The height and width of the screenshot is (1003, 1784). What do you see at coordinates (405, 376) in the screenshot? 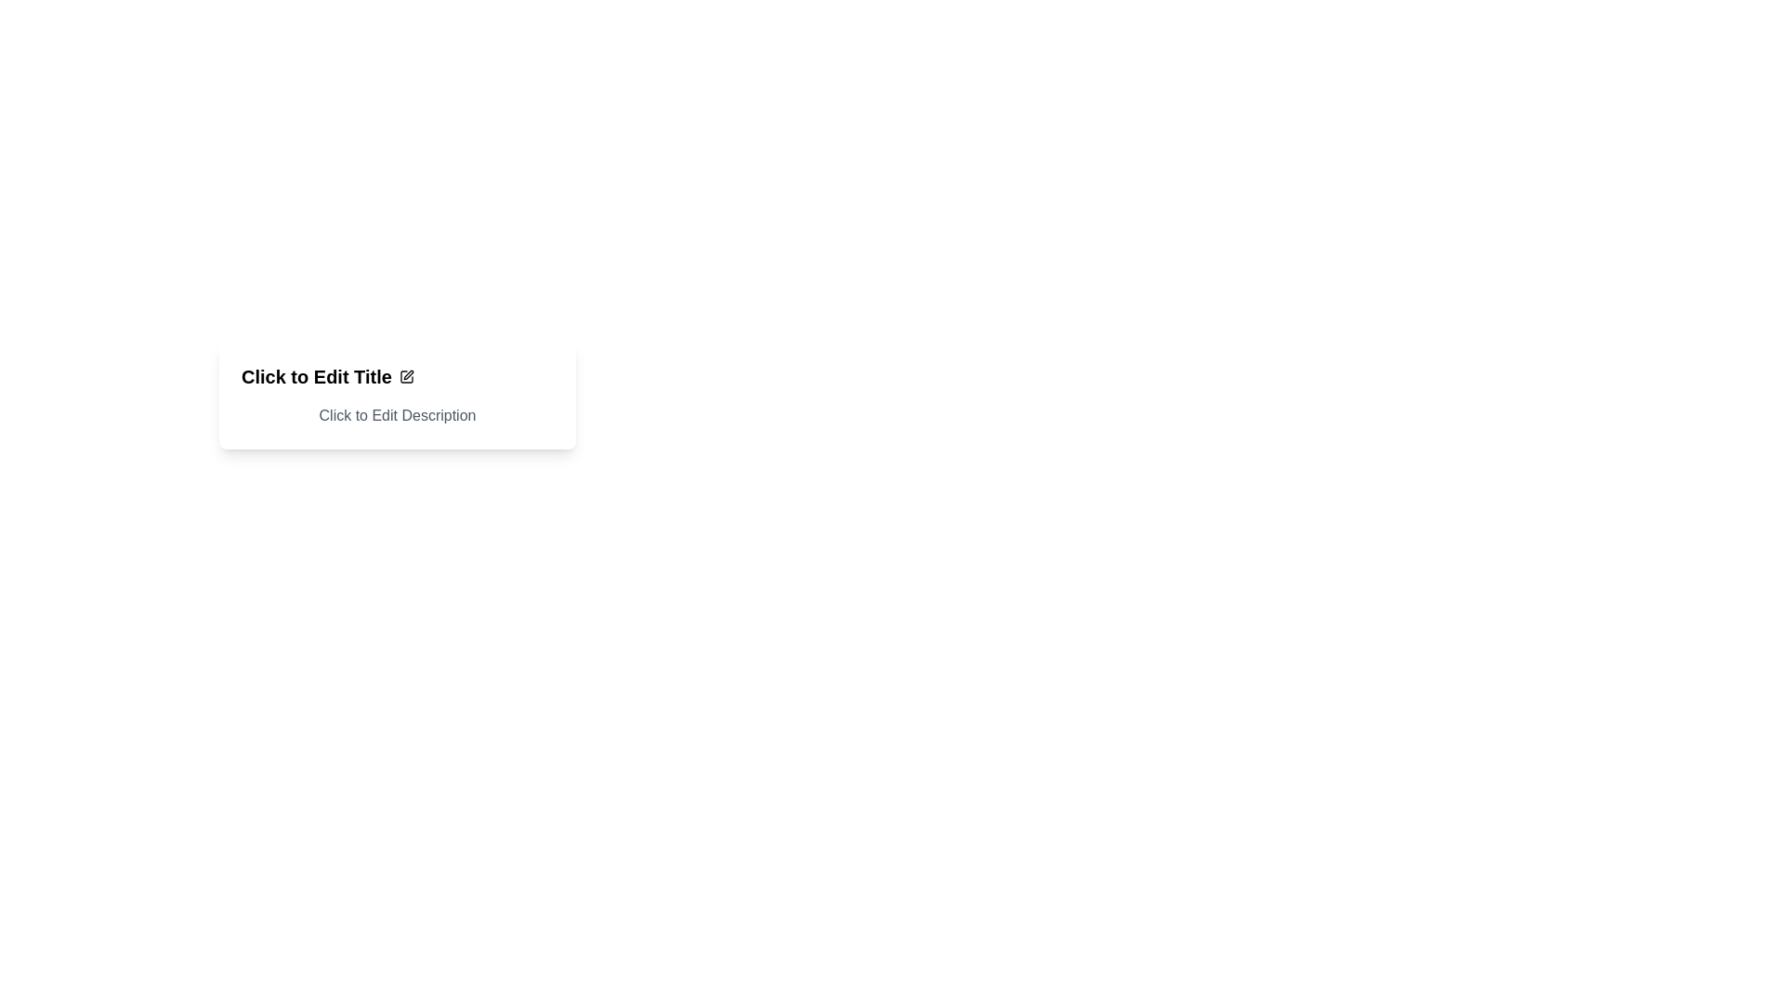
I see `the edit icon located immediately to the right of the 'Click to Edit Title' text` at bounding box center [405, 376].